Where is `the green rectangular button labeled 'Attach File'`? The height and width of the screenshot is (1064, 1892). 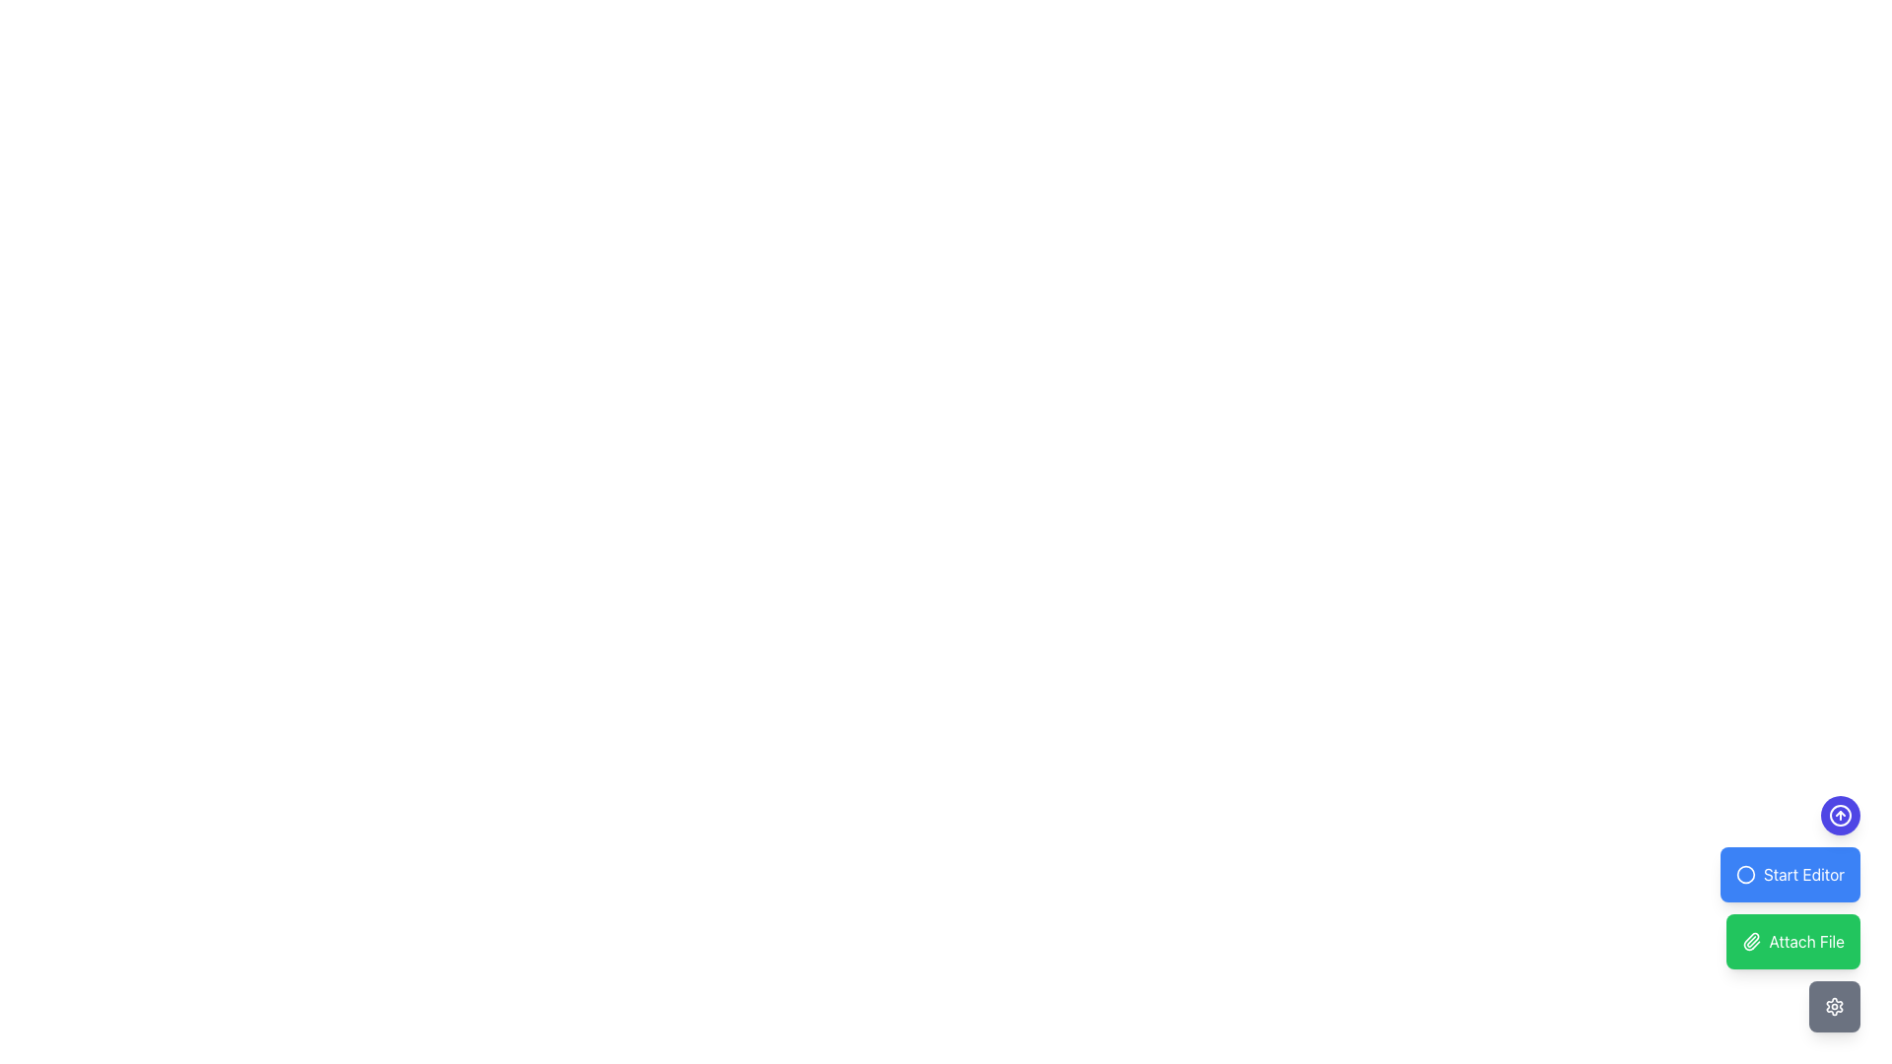
the green rectangular button labeled 'Attach File' is located at coordinates (1790, 914).